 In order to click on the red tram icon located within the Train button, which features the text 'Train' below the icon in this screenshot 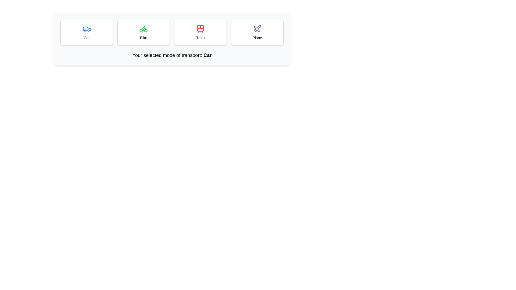, I will do `click(200, 29)`.